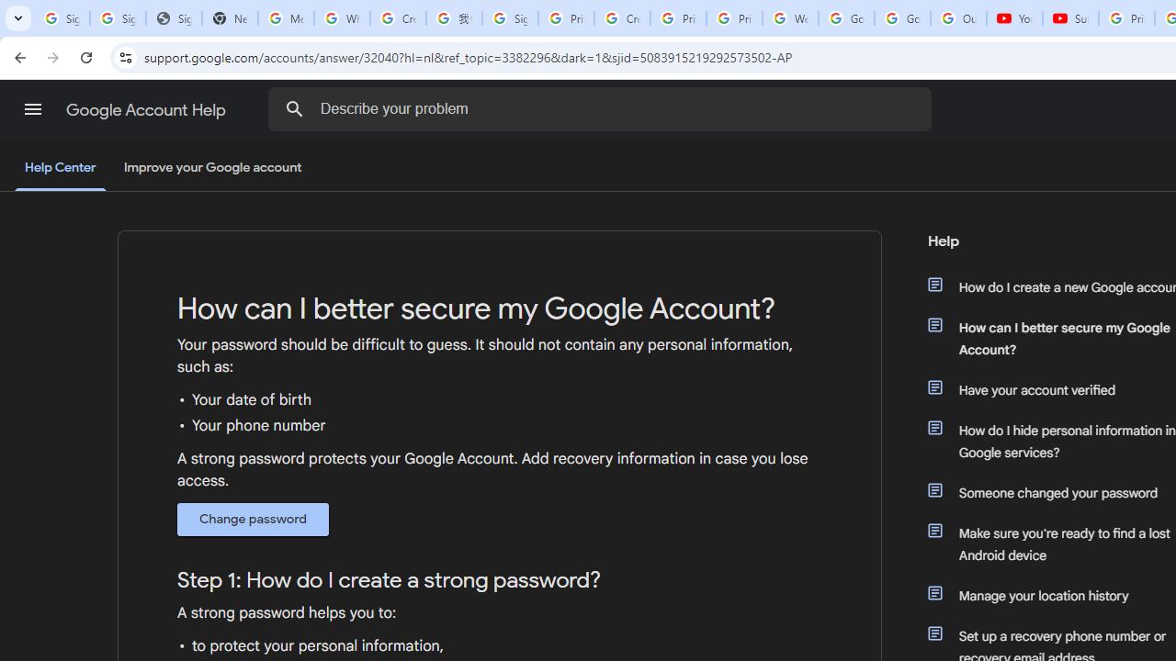 The image size is (1176, 661). What do you see at coordinates (342, 18) in the screenshot?
I see `'Who is my administrator? - Google Account Help'` at bounding box center [342, 18].